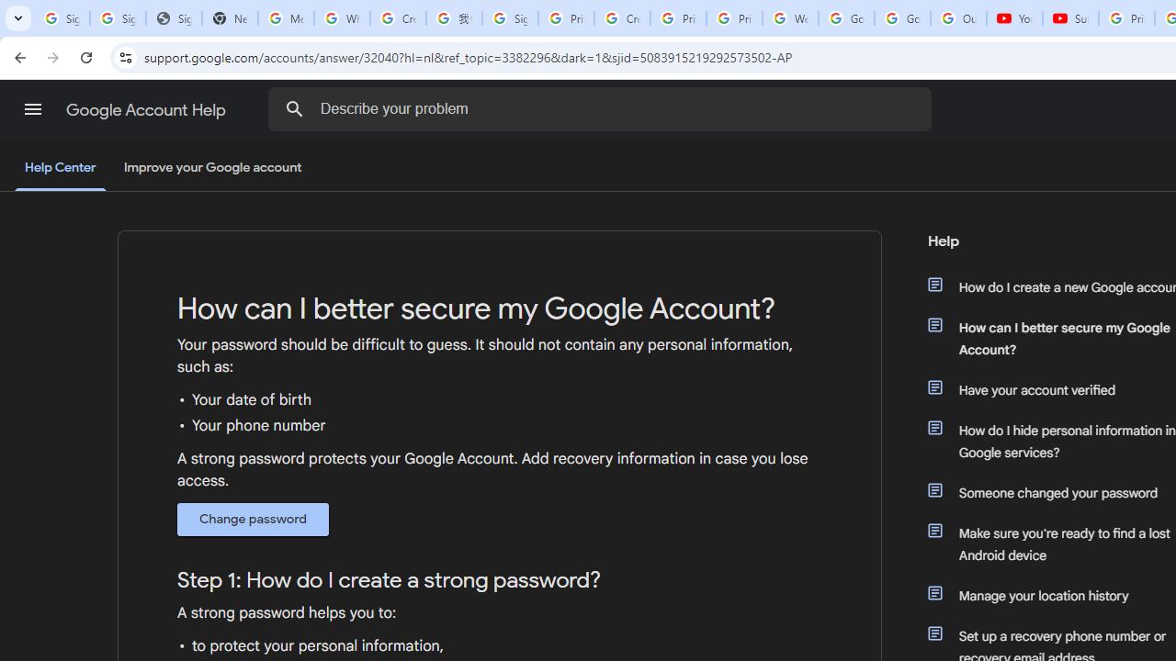 The image size is (1176, 661). What do you see at coordinates (342, 18) in the screenshot?
I see `'Who is my administrator? - Google Account Help'` at bounding box center [342, 18].